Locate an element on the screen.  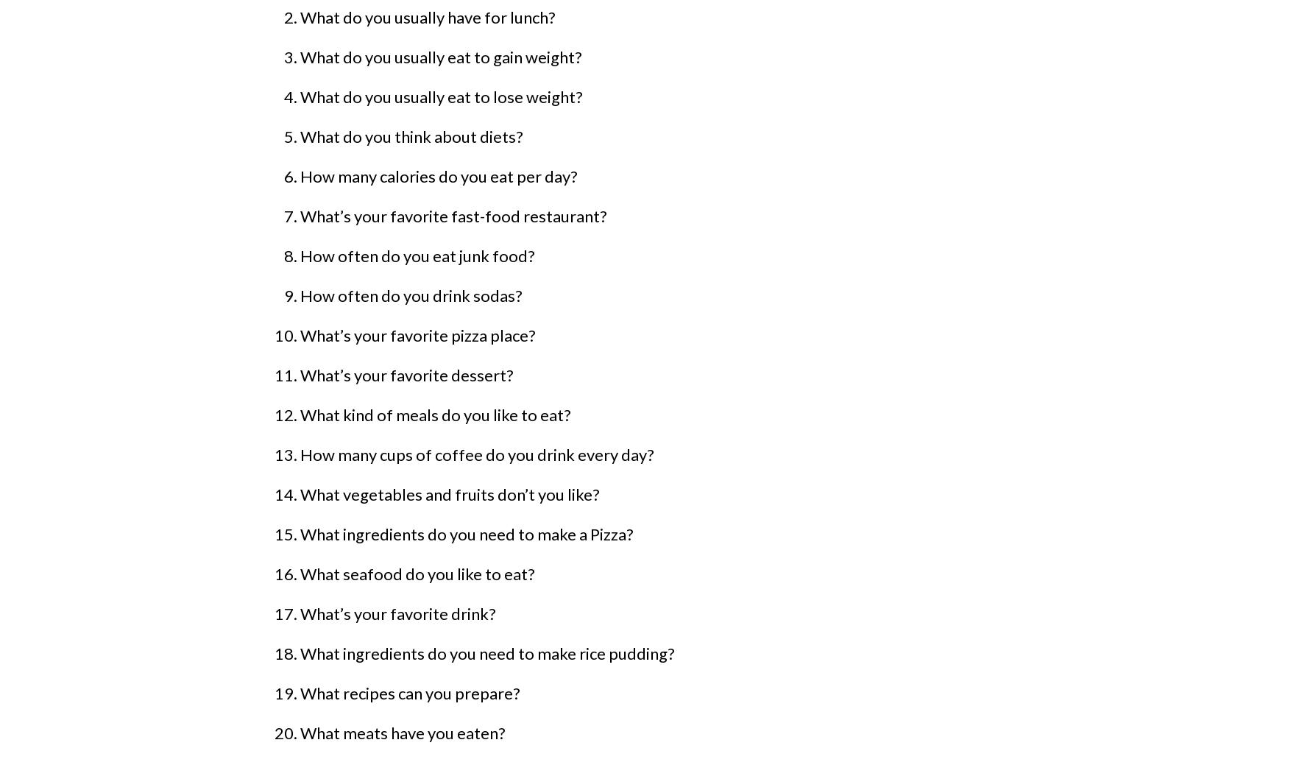
'What’s your
favorite drink?' is located at coordinates (398, 613).